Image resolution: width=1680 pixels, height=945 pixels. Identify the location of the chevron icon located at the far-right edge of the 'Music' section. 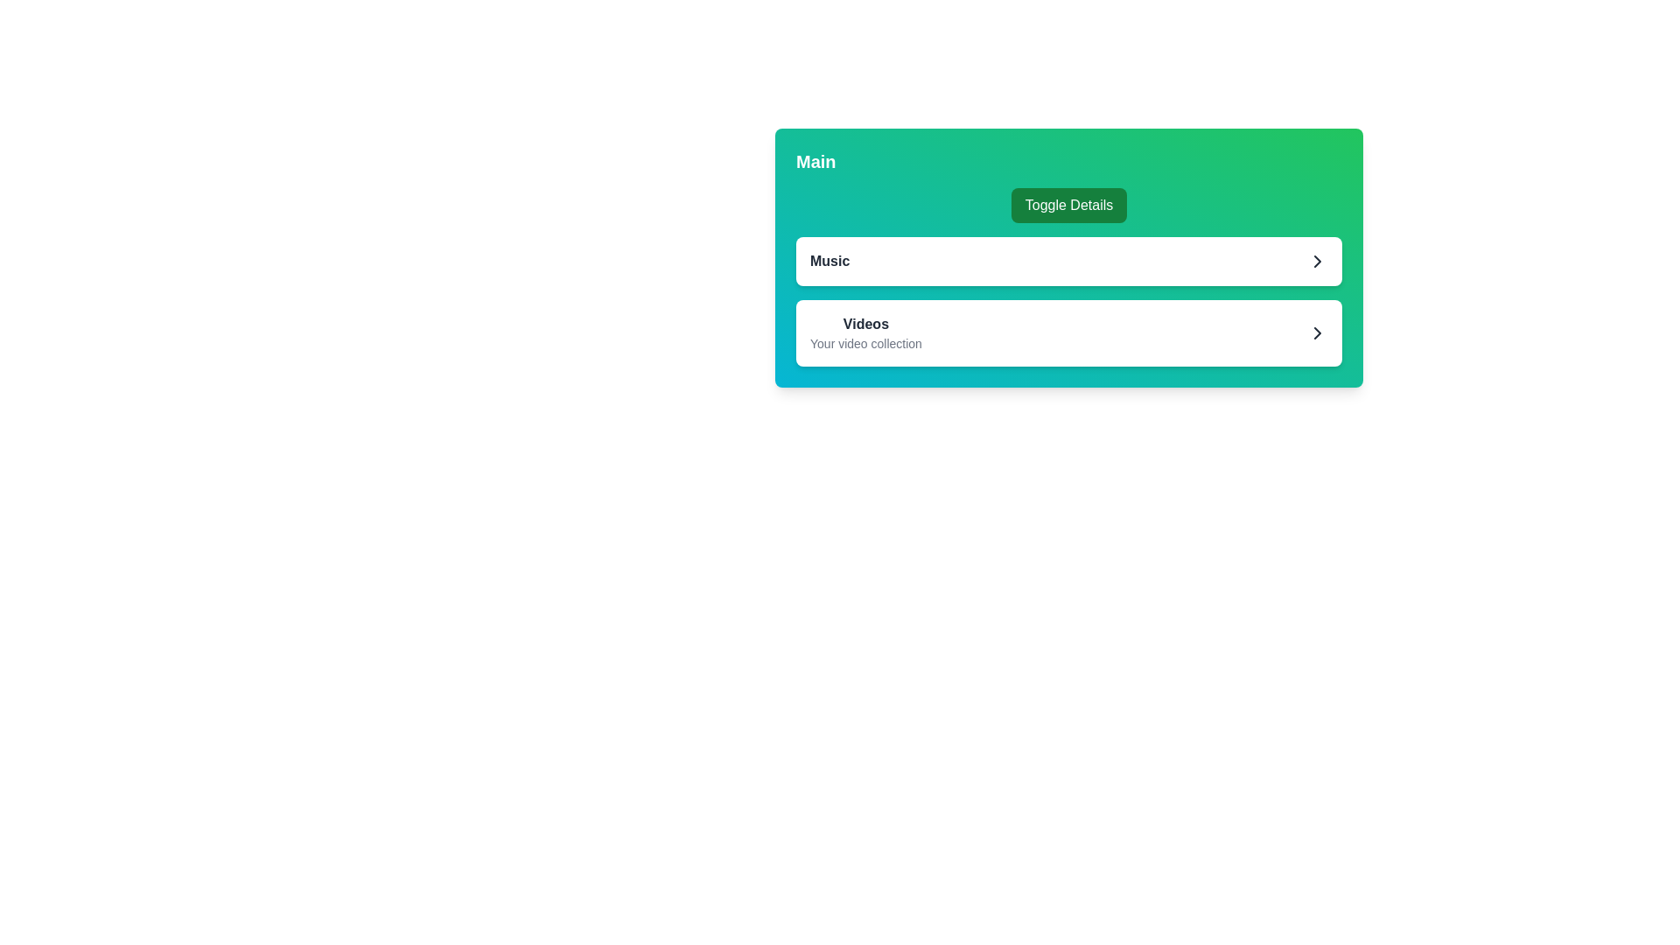
(1318, 262).